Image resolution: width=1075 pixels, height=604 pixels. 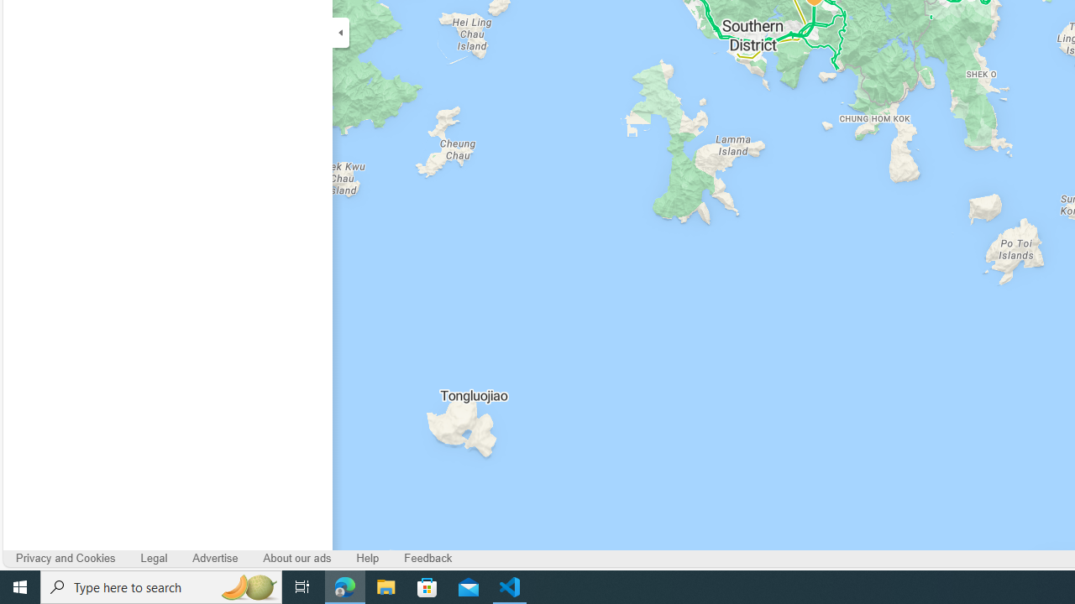 What do you see at coordinates (214, 558) in the screenshot?
I see `'Advertise'` at bounding box center [214, 558].